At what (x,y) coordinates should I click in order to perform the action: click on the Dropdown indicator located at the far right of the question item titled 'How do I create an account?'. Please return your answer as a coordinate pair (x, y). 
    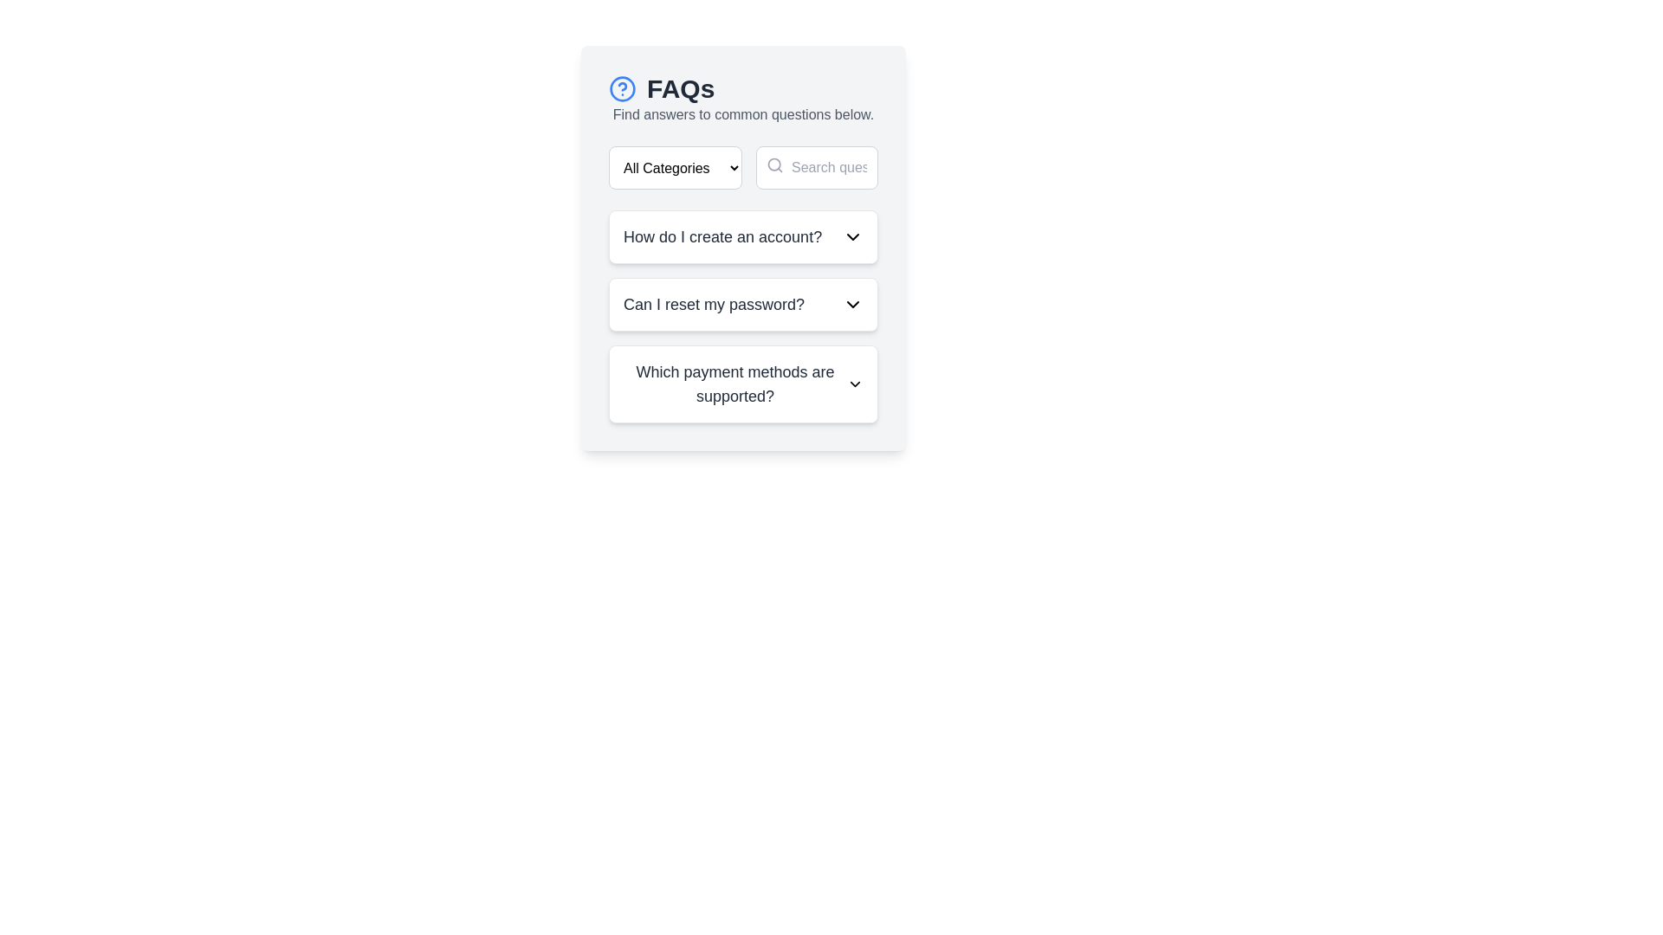
    Looking at the image, I should click on (852, 236).